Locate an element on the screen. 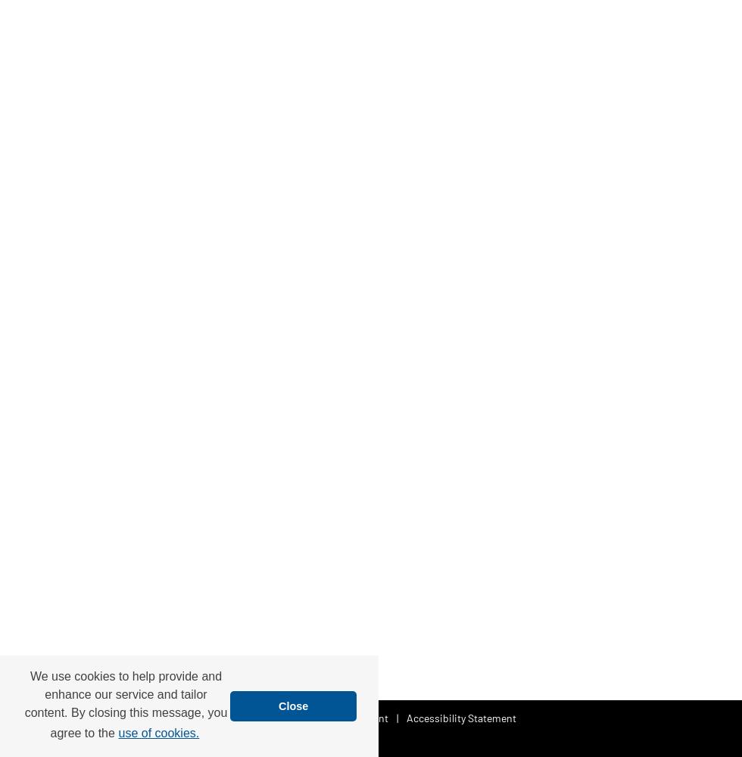 The height and width of the screenshot is (757, 742). 'Accessibility Statement' is located at coordinates (461, 716).